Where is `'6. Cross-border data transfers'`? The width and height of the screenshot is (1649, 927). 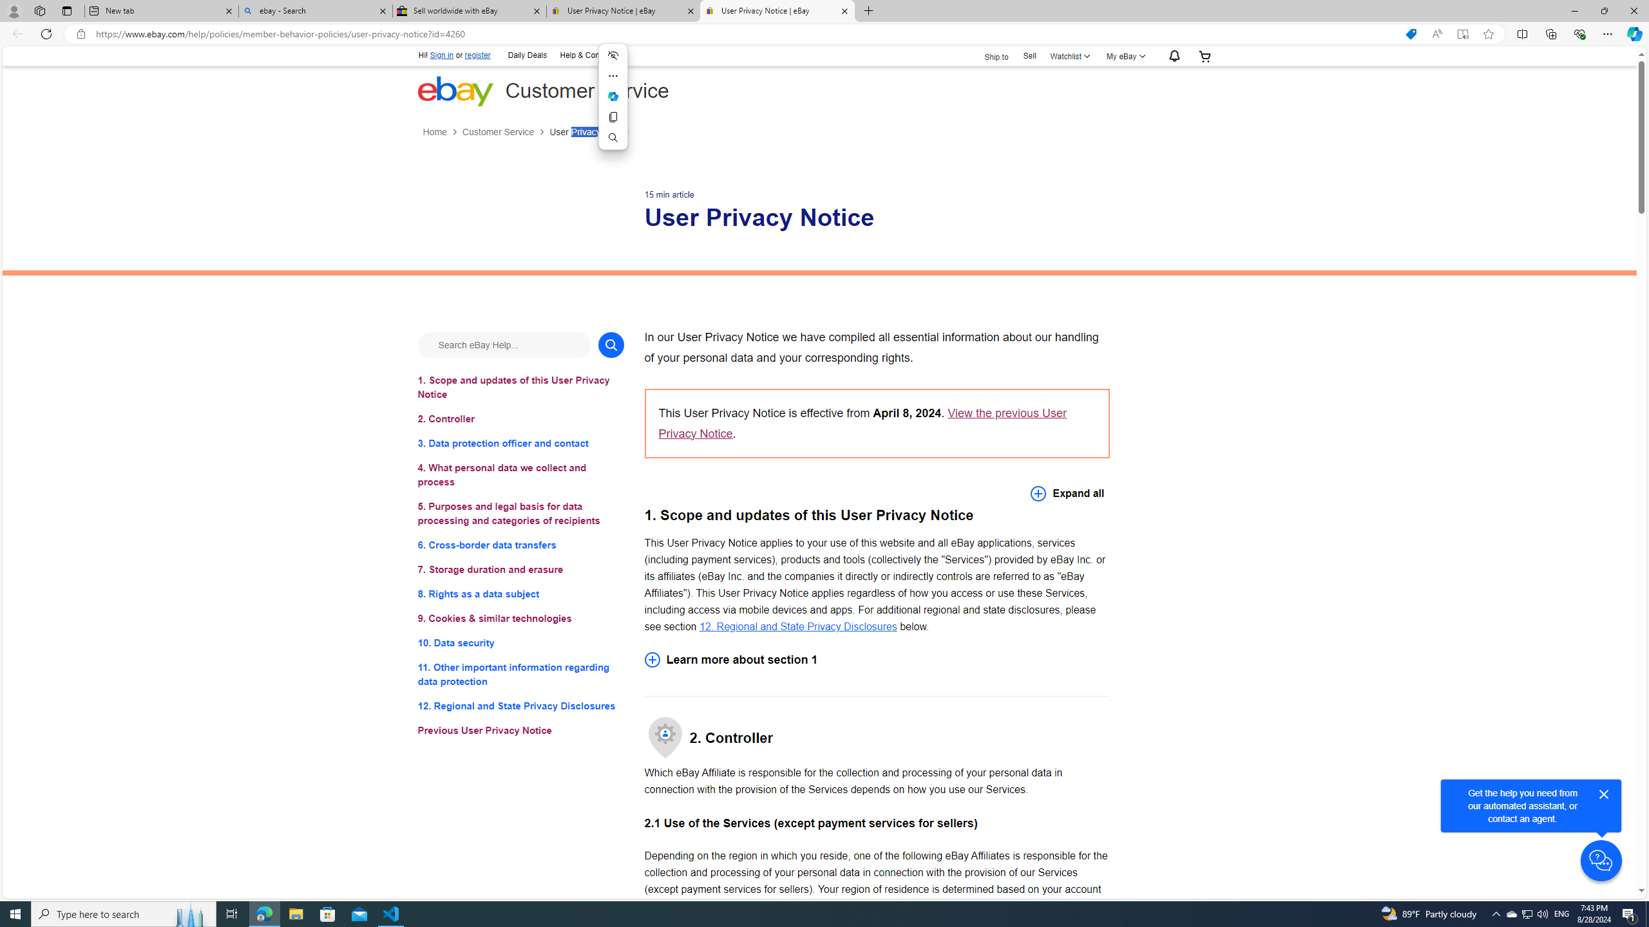
'6. Cross-border data transfers' is located at coordinates (520, 545).